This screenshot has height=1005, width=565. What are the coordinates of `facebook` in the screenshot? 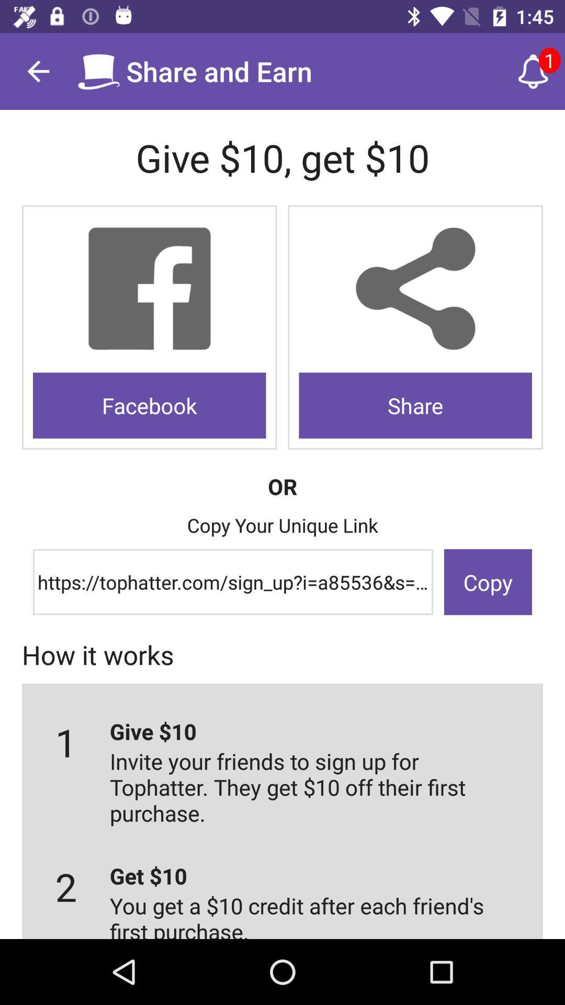 It's located at (149, 289).